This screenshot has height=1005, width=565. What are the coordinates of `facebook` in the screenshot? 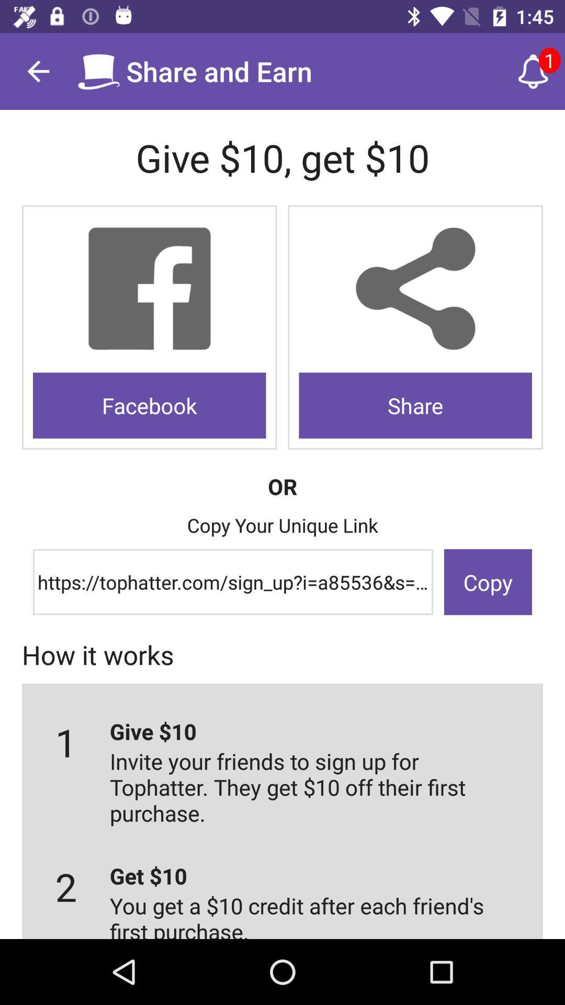 It's located at (149, 289).